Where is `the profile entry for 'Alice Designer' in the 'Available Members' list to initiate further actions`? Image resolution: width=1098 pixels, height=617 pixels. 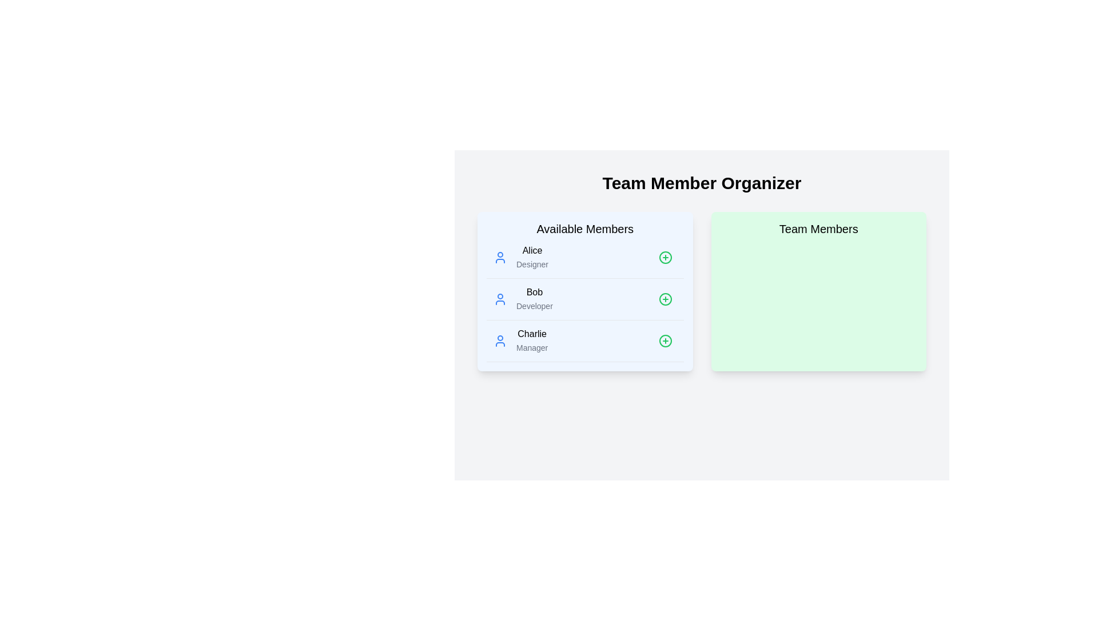 the profile entry for 'Alice Designer' in the 'Available Members' list to initiate further actions is located at coordinates (520, 258).